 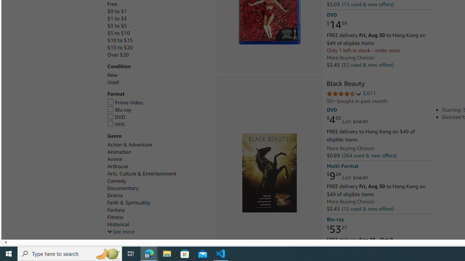 I want to click on '(264 used & new offers)', so click(x=369, y=155).